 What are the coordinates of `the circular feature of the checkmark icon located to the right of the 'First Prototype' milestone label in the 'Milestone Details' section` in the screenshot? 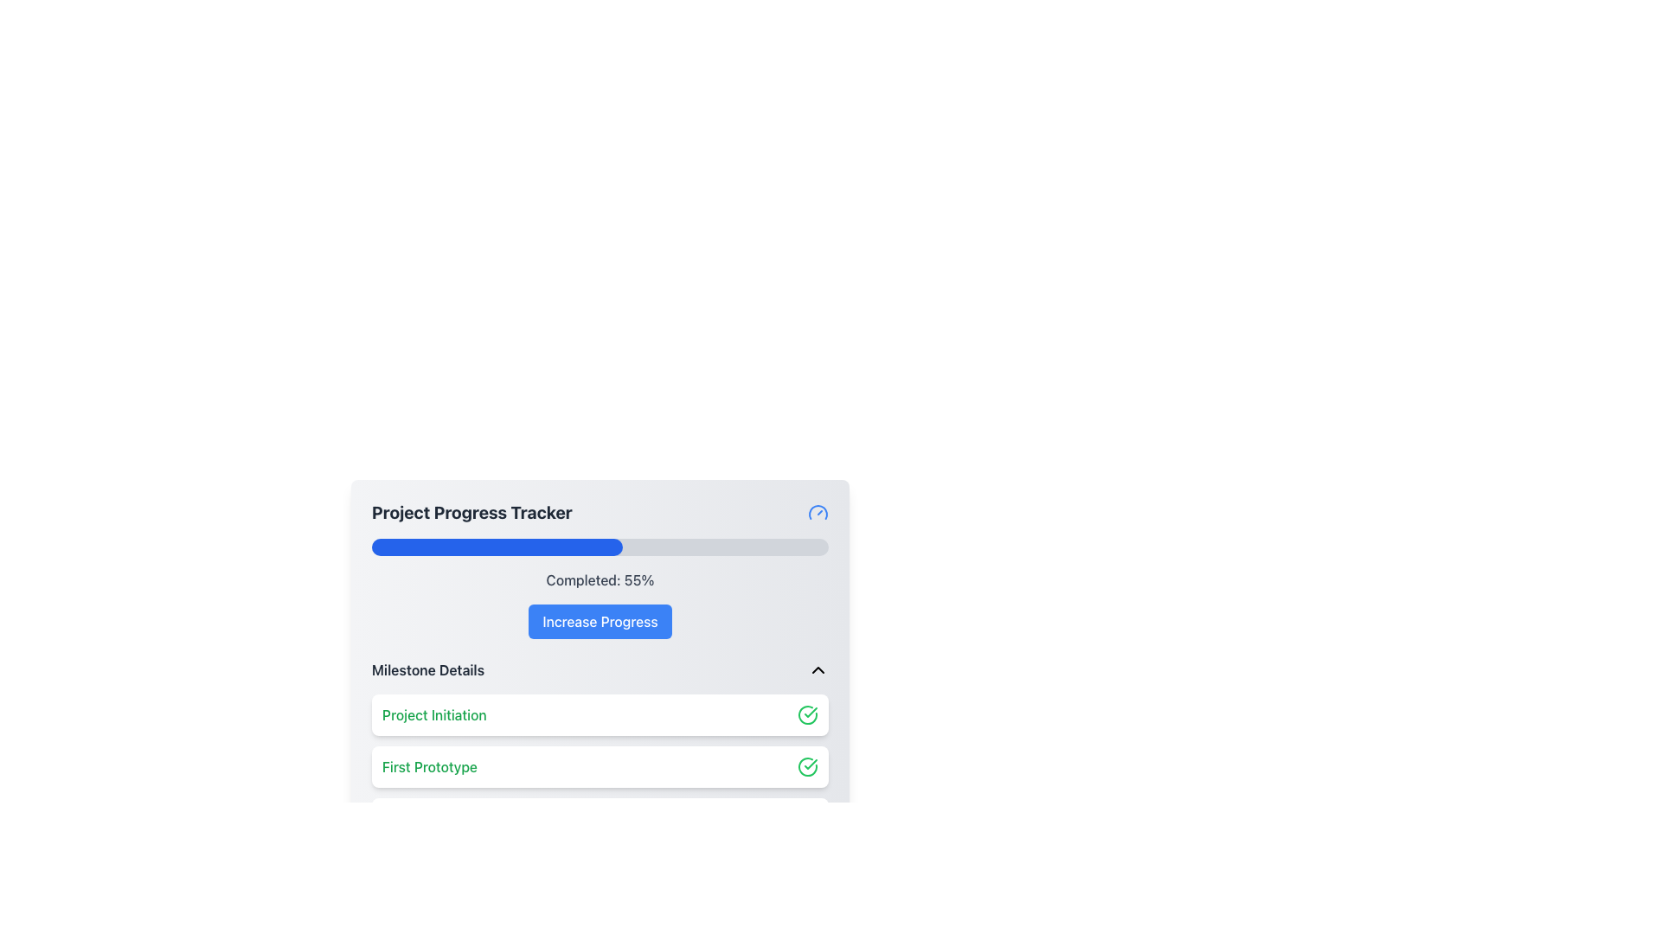 It's located at (807, 766).